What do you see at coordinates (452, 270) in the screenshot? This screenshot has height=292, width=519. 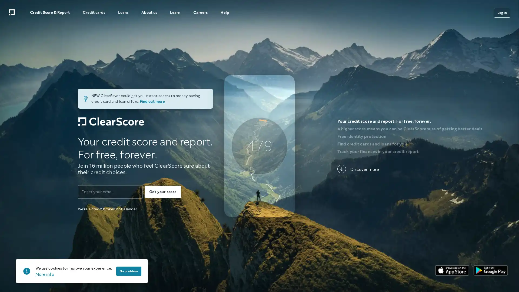 I see `Download on the App Store` at bounding box center [452, 270].